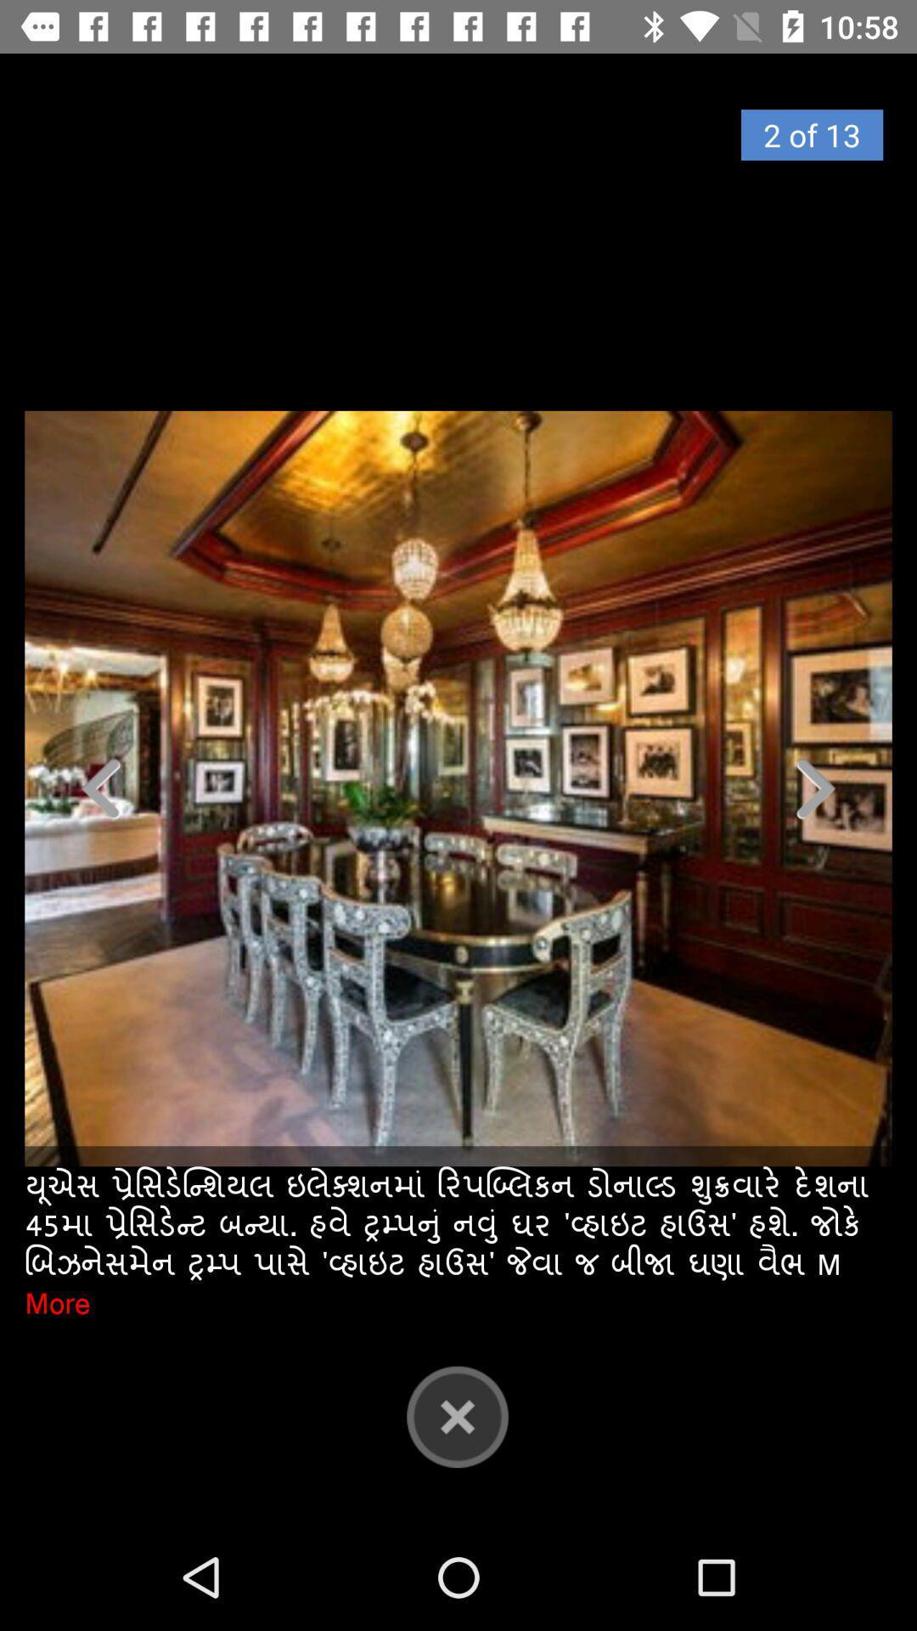 This screenshot has height=1631, width=917. Describe the element at coordinates (457, 1416) in the screenshot. I see `go back` at that location.